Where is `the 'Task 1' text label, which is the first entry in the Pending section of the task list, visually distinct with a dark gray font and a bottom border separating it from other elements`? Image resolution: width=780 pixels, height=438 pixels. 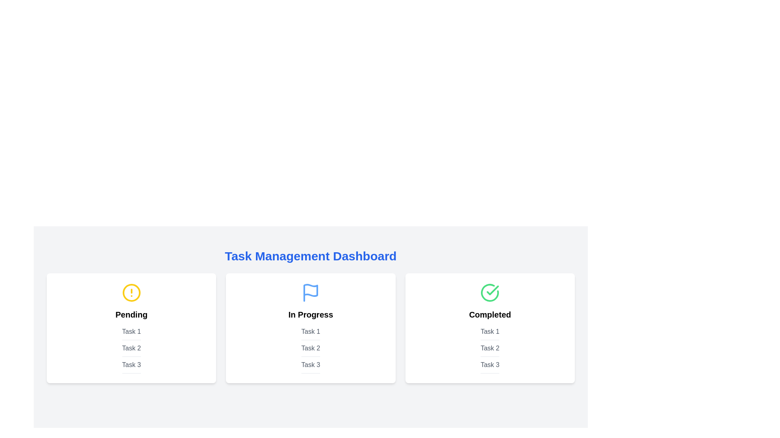
the 'Task 1' text label, which is the first entry in the Pending section of the task list, visually distinct with a dark gray font and a bottom border separating it from other elements is located at coordinates (131, 333).